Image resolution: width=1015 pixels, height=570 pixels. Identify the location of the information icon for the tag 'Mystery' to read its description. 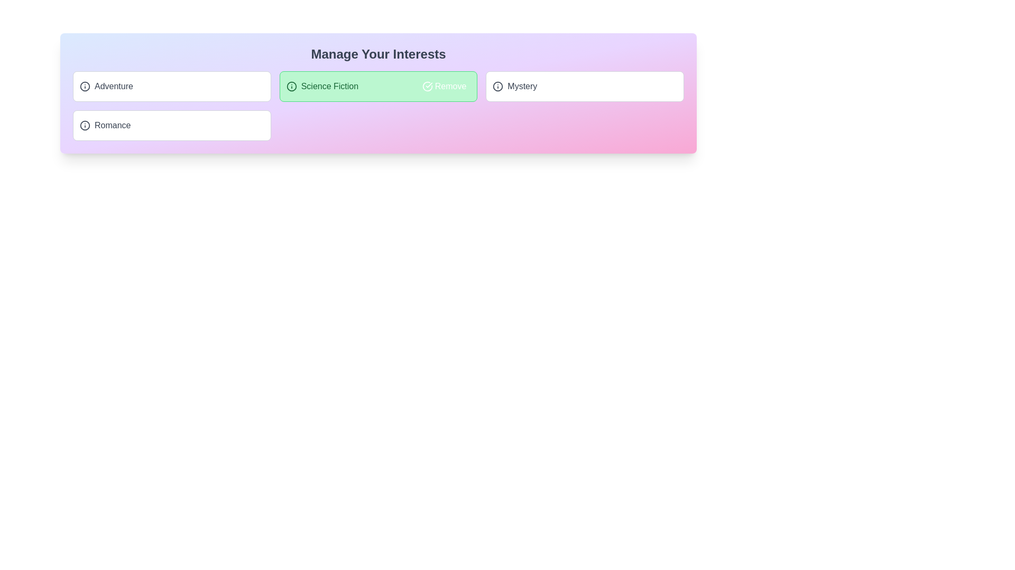
(497, 86).